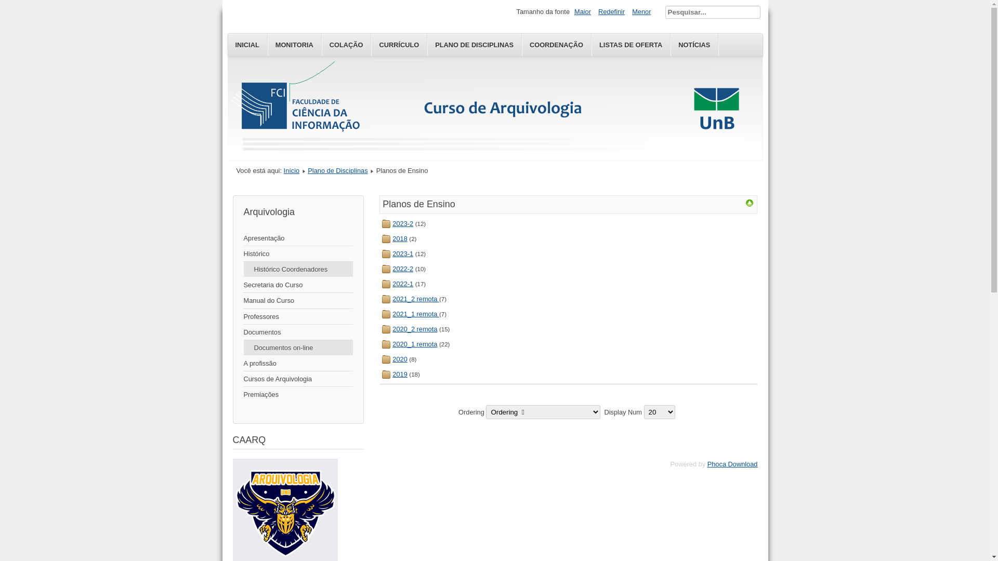 This screenshot has height=561, width=998. I want to click on '2023-2', so click(402, 223).